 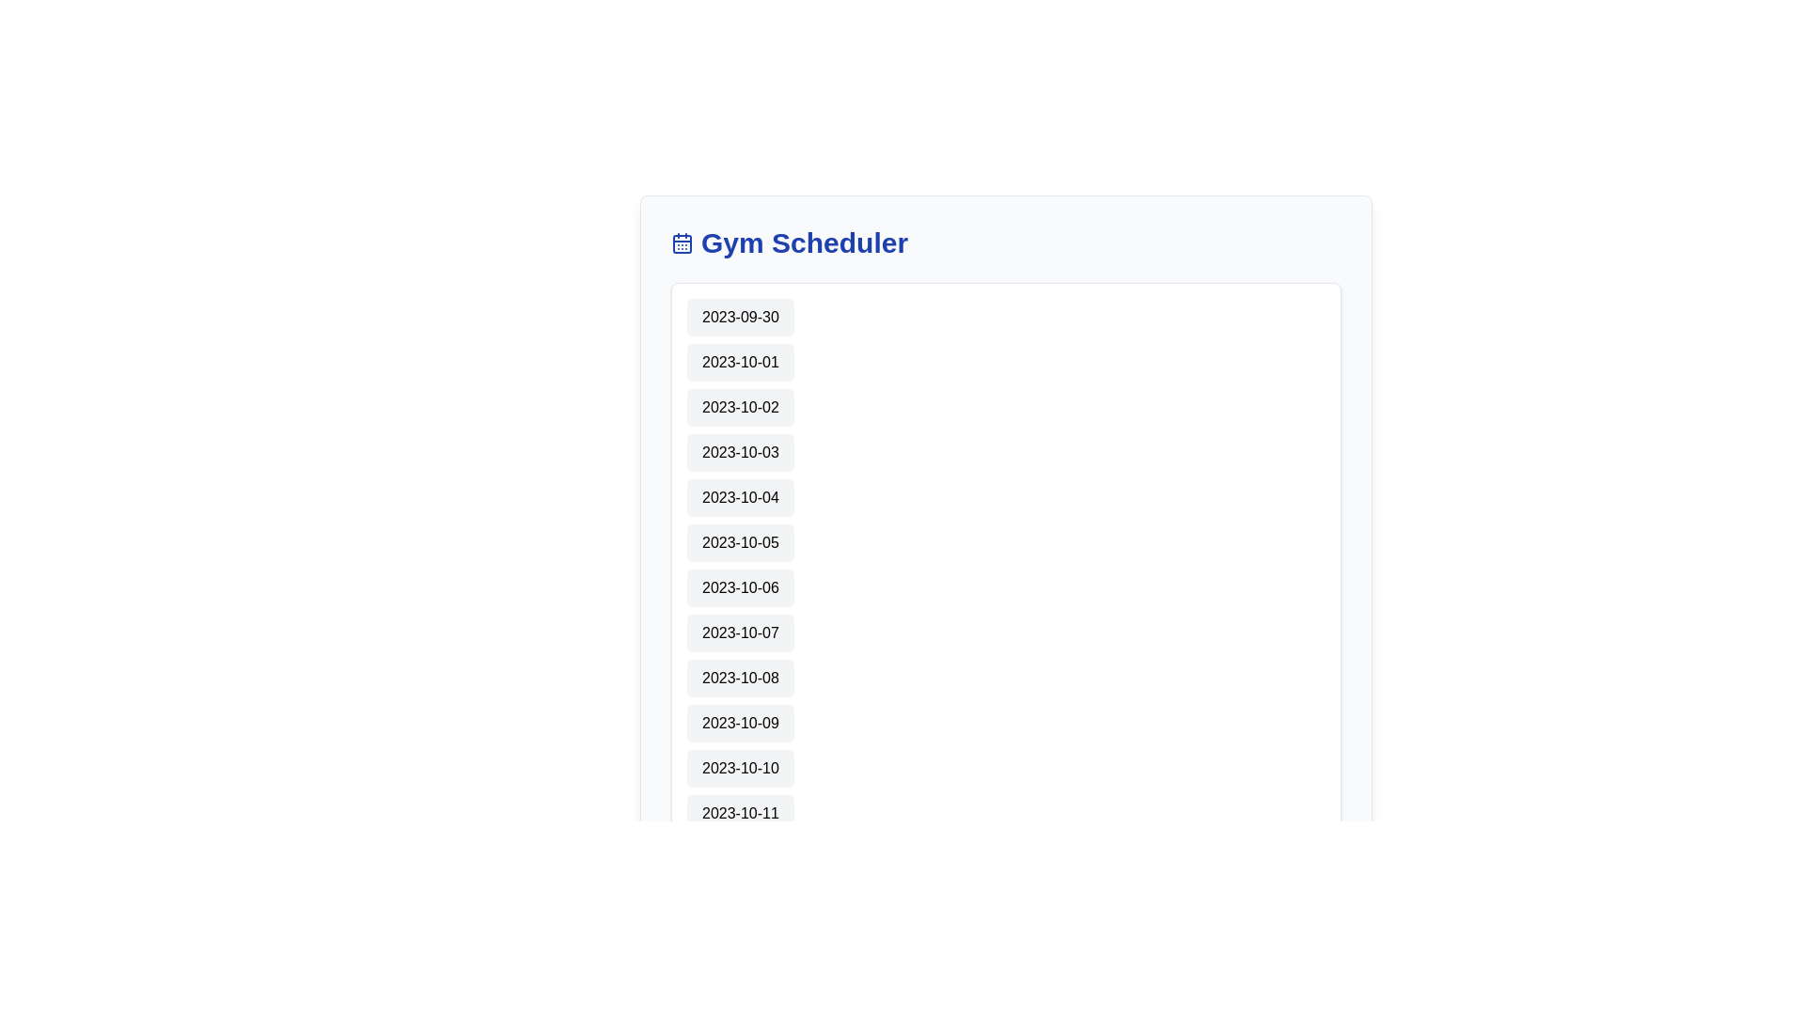 I want to click on the button displaying the date '2023-10-11' in a vertical list of dates, so click(x=739, y=813).